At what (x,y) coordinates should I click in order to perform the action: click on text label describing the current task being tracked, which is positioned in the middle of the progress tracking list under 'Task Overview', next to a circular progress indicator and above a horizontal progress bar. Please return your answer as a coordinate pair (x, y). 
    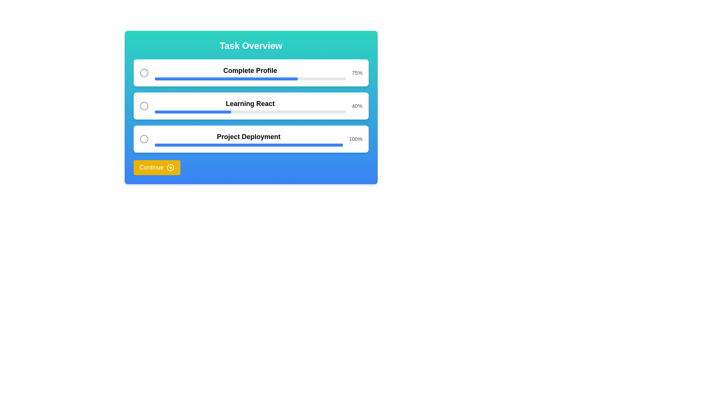
    Looking at the image, I should click on (250, 104).